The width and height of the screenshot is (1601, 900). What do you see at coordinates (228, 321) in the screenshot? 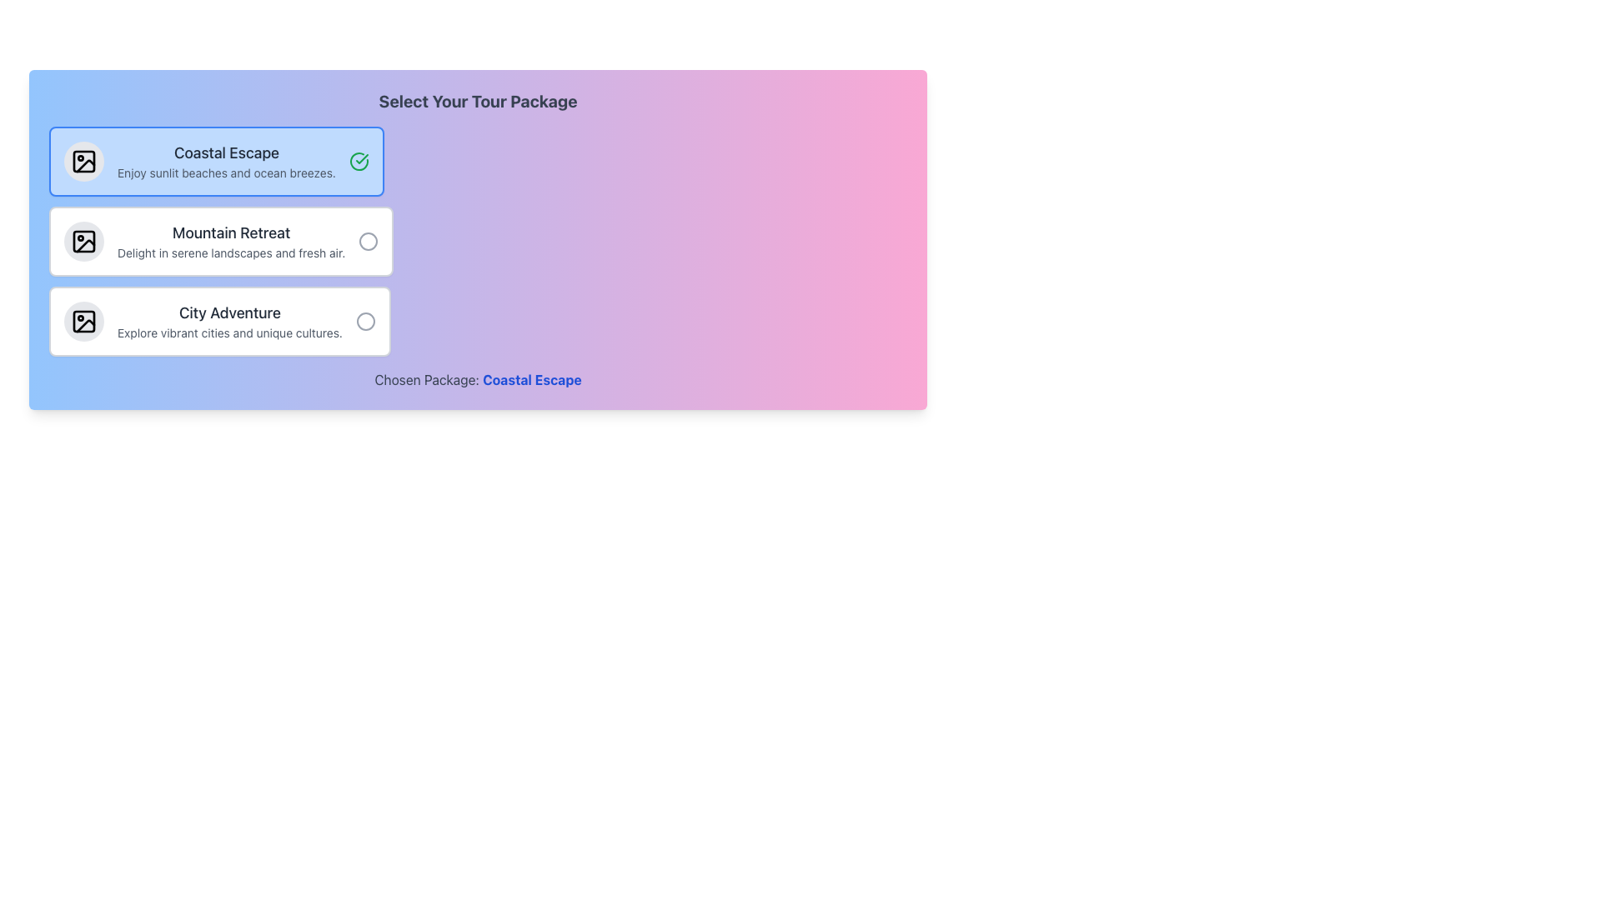
I see `the label providing information about the 'City Adventure' tour, located in the third option of the vertical list of tour package options` at bounding box center [228, 321].